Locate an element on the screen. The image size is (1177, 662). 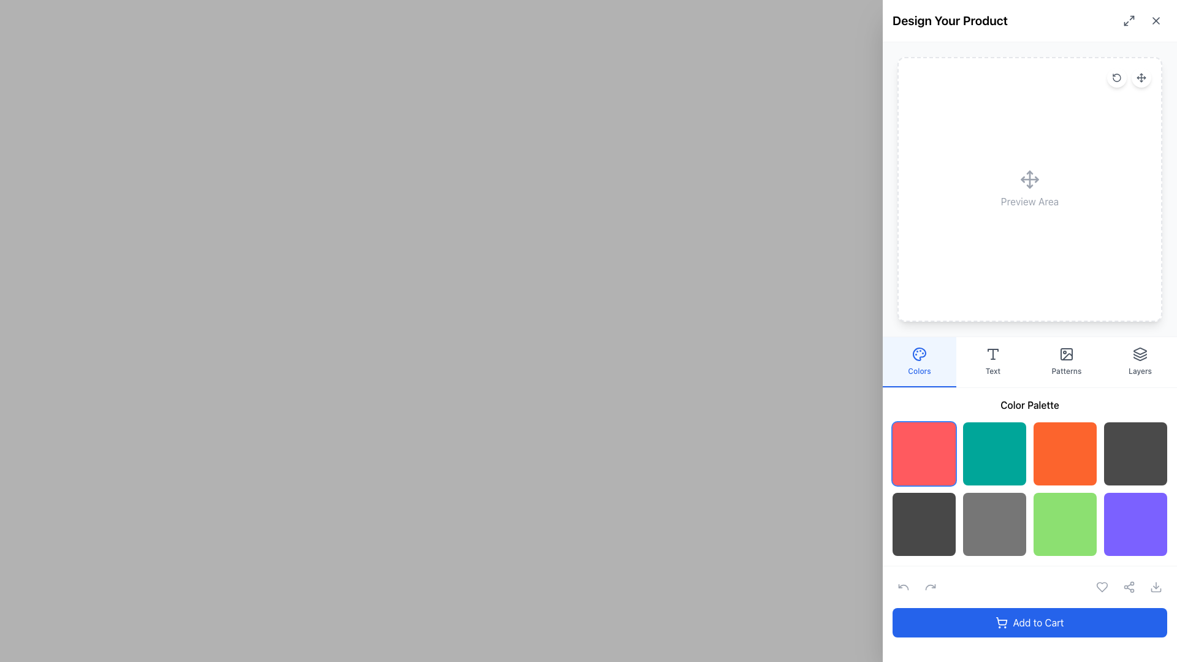
the move button located at the top-right corner of the design interface is located at coordinates (1141, 78).